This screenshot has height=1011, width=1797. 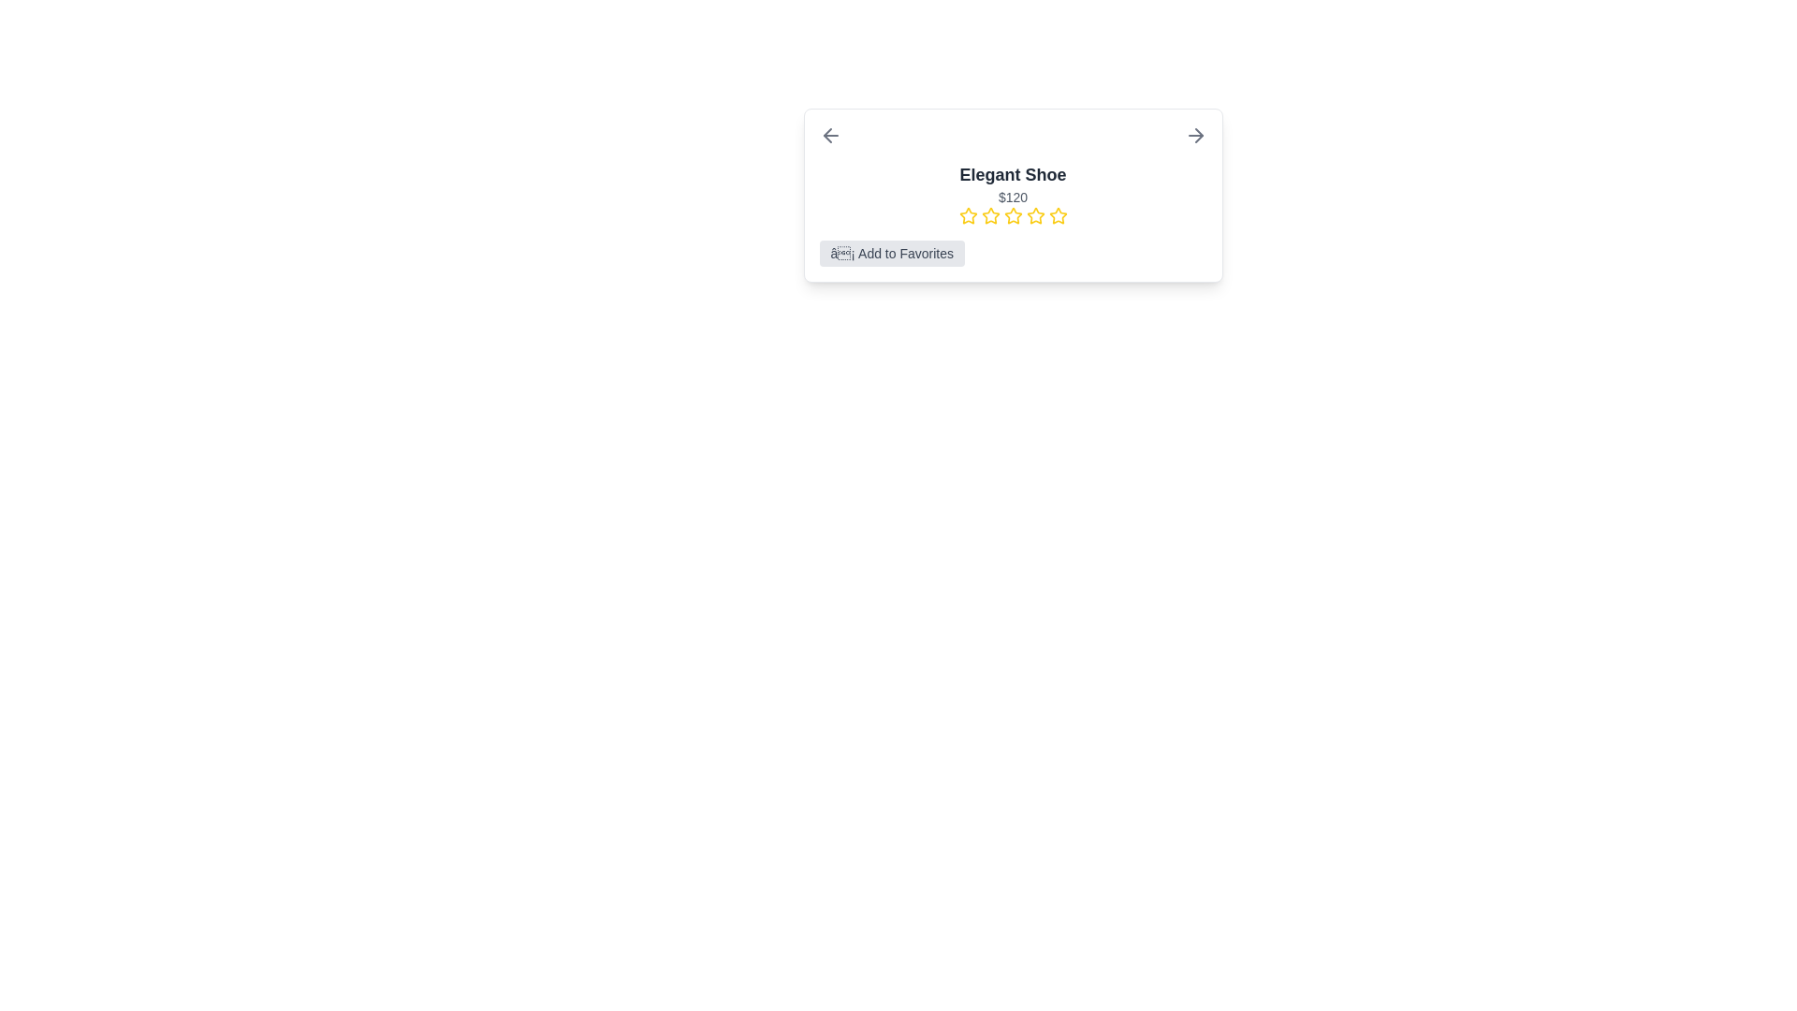 I want to click on the fourth star icon in the rating feature, so click(x=1034, y=214).